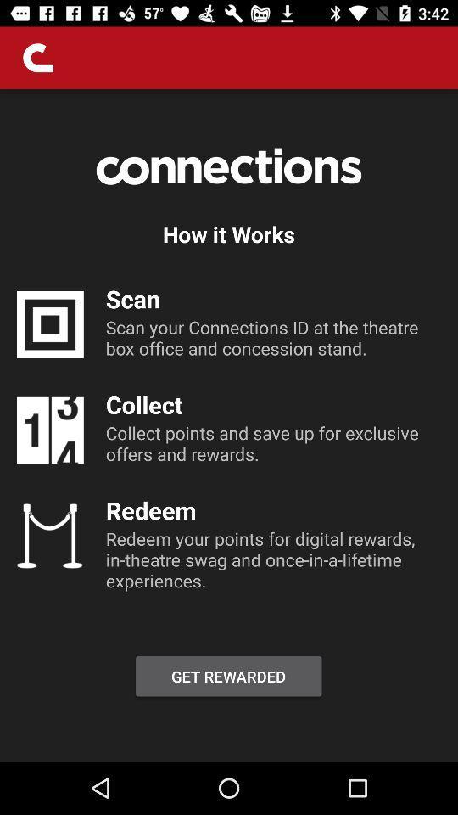 This screenshot has height=815, width=458. Describe the element at coordinates (228, 676) in the screenshot. I see `item below redeem your points item` at that location.